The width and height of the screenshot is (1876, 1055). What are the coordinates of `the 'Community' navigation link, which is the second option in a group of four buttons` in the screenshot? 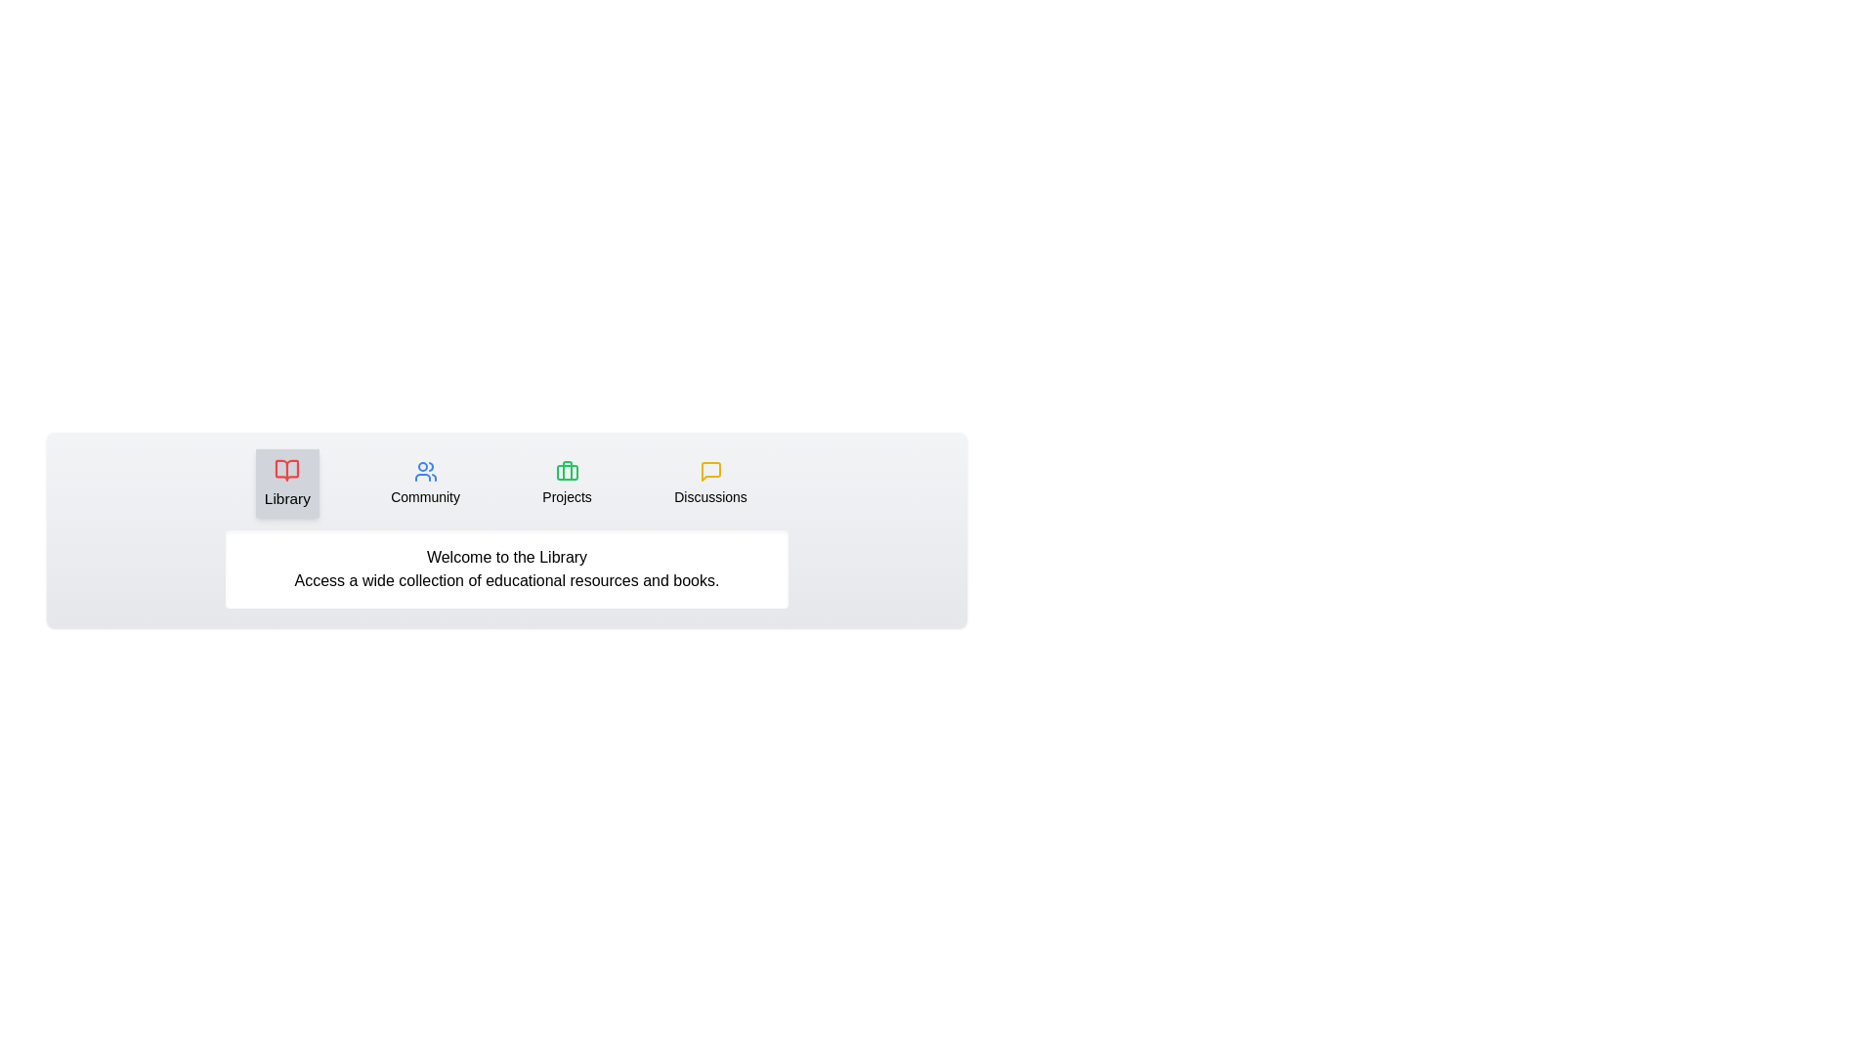 It's located at (424, 483).